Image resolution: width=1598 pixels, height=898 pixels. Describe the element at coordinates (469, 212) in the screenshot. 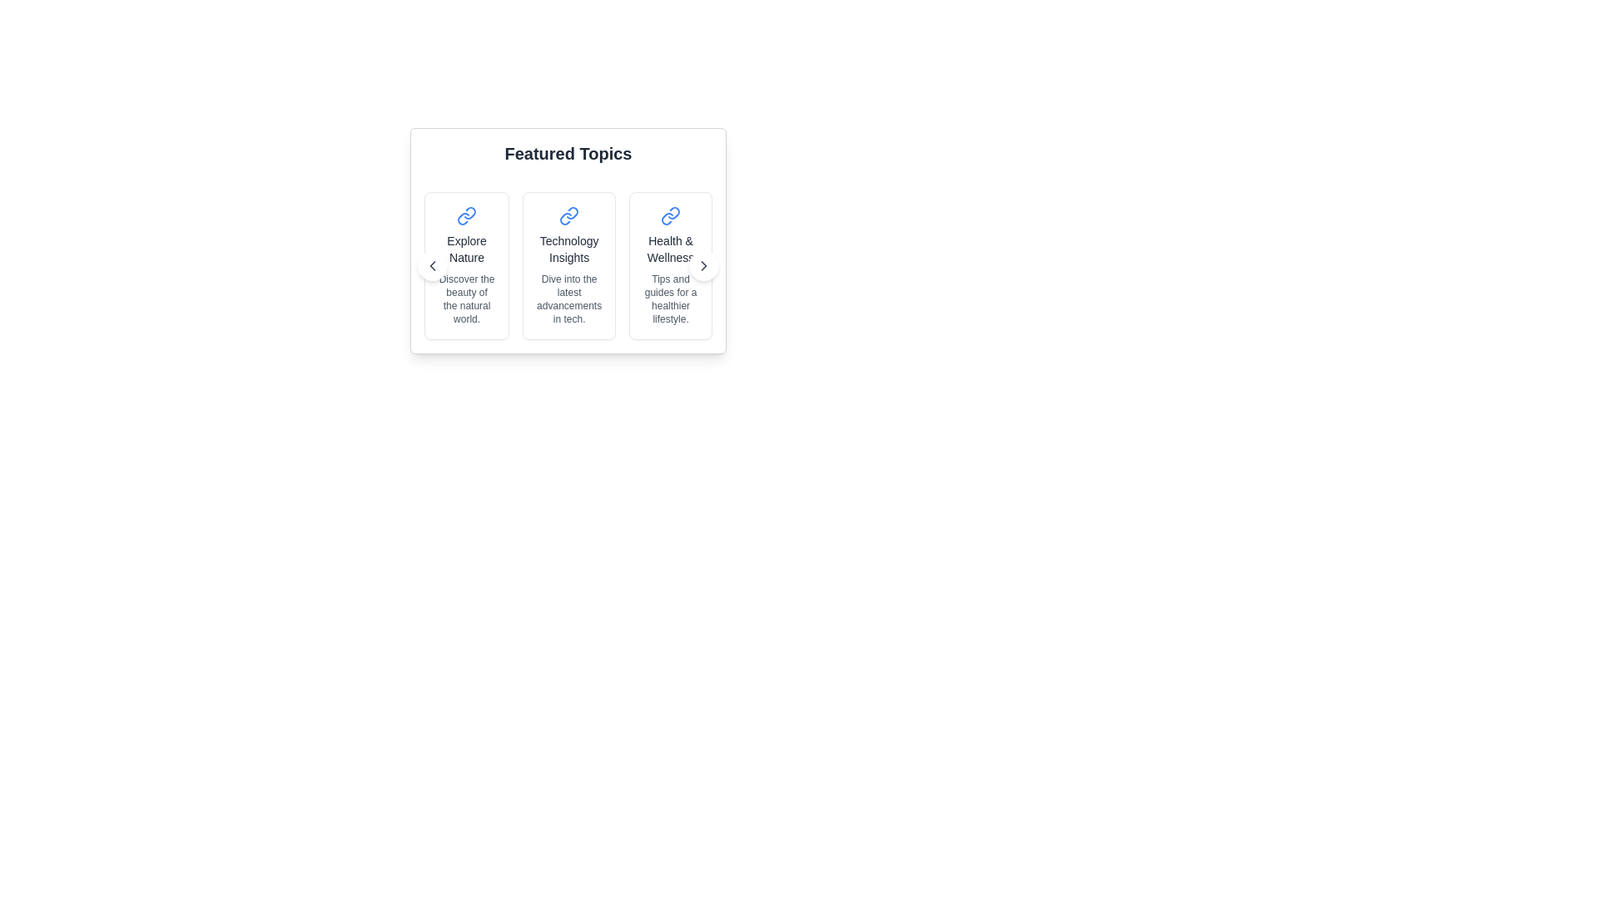

I see `the link icon located to the immediate left of the 'Explore Nature' title text within the first card of the 'Featured Topics' section` at that location.